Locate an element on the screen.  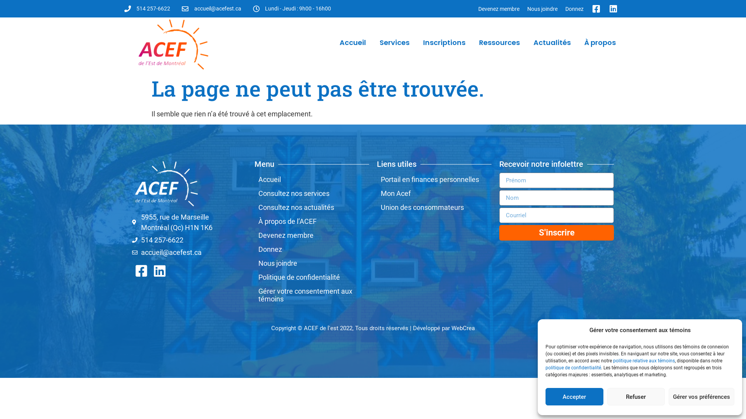
'Devenez membre' is located at coordinates (312, 235).